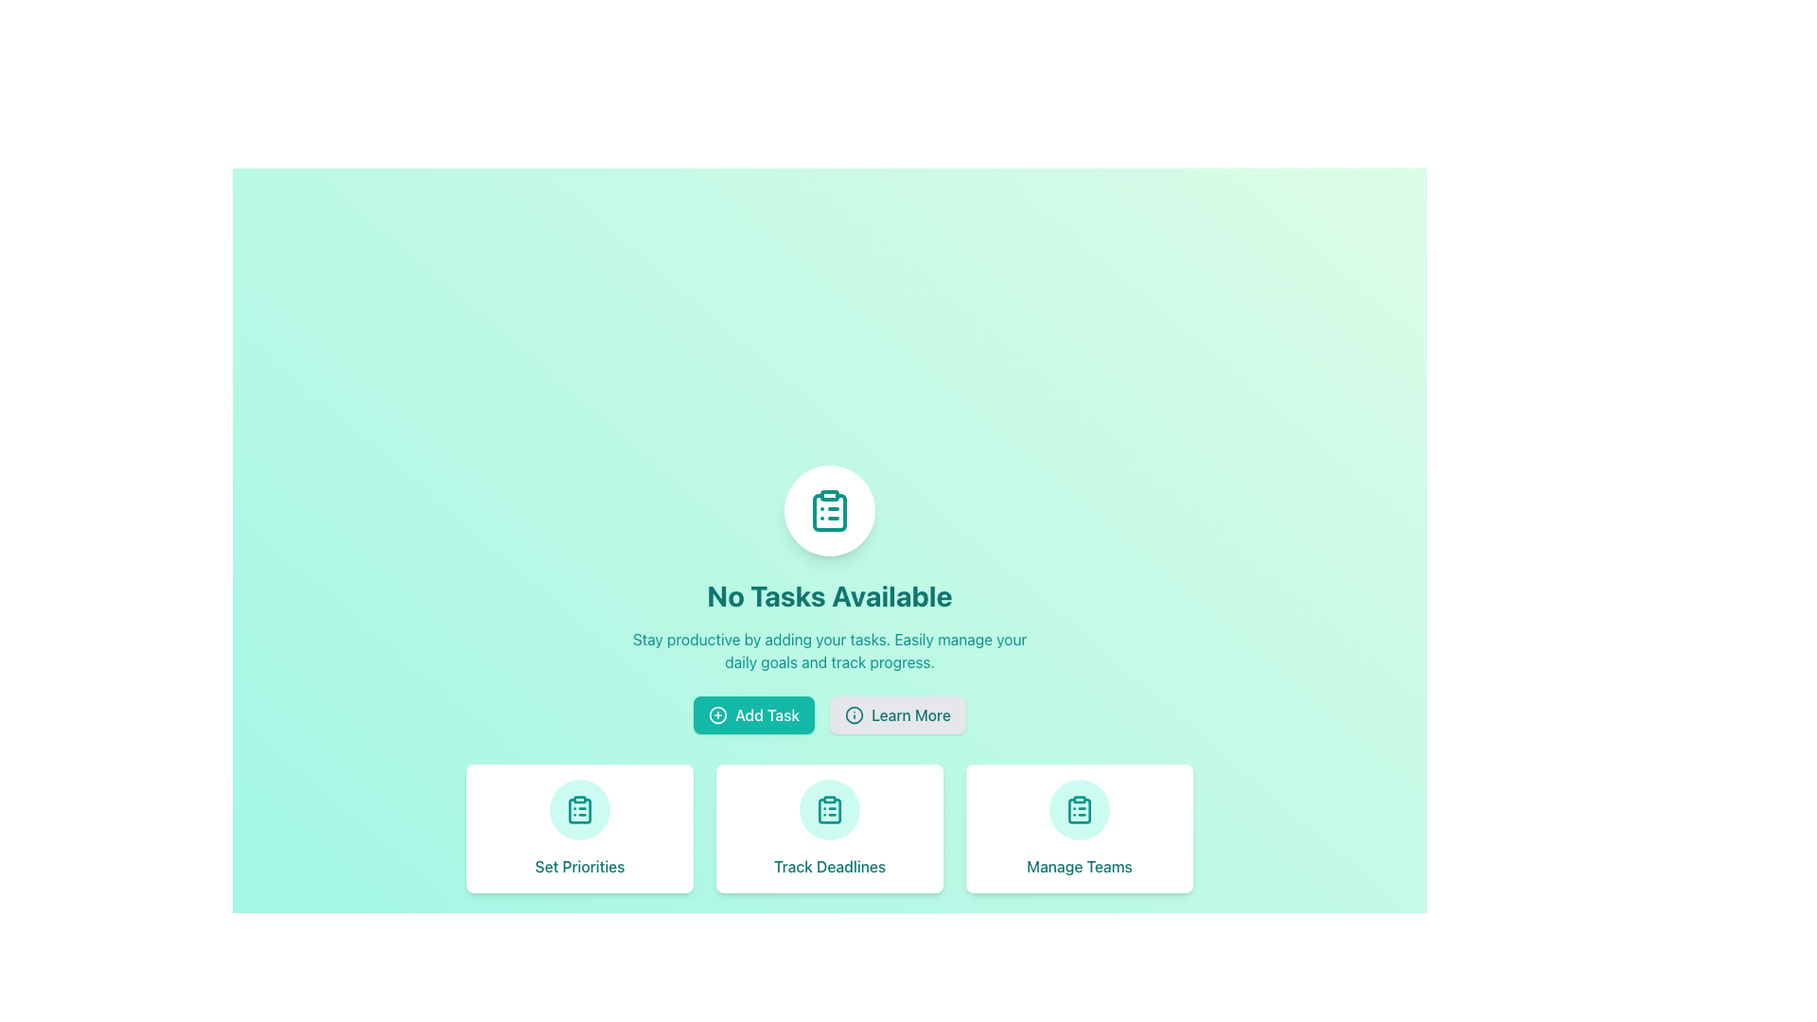 The height and width of the screenshot is (1022, 1817). Describe the element at coordinates (579, 809) in the screenshot. I see `the icon representing the concept of setting priorities, which is located inside the 'Set Priorities' card in the bottom row of the interface` at that location.